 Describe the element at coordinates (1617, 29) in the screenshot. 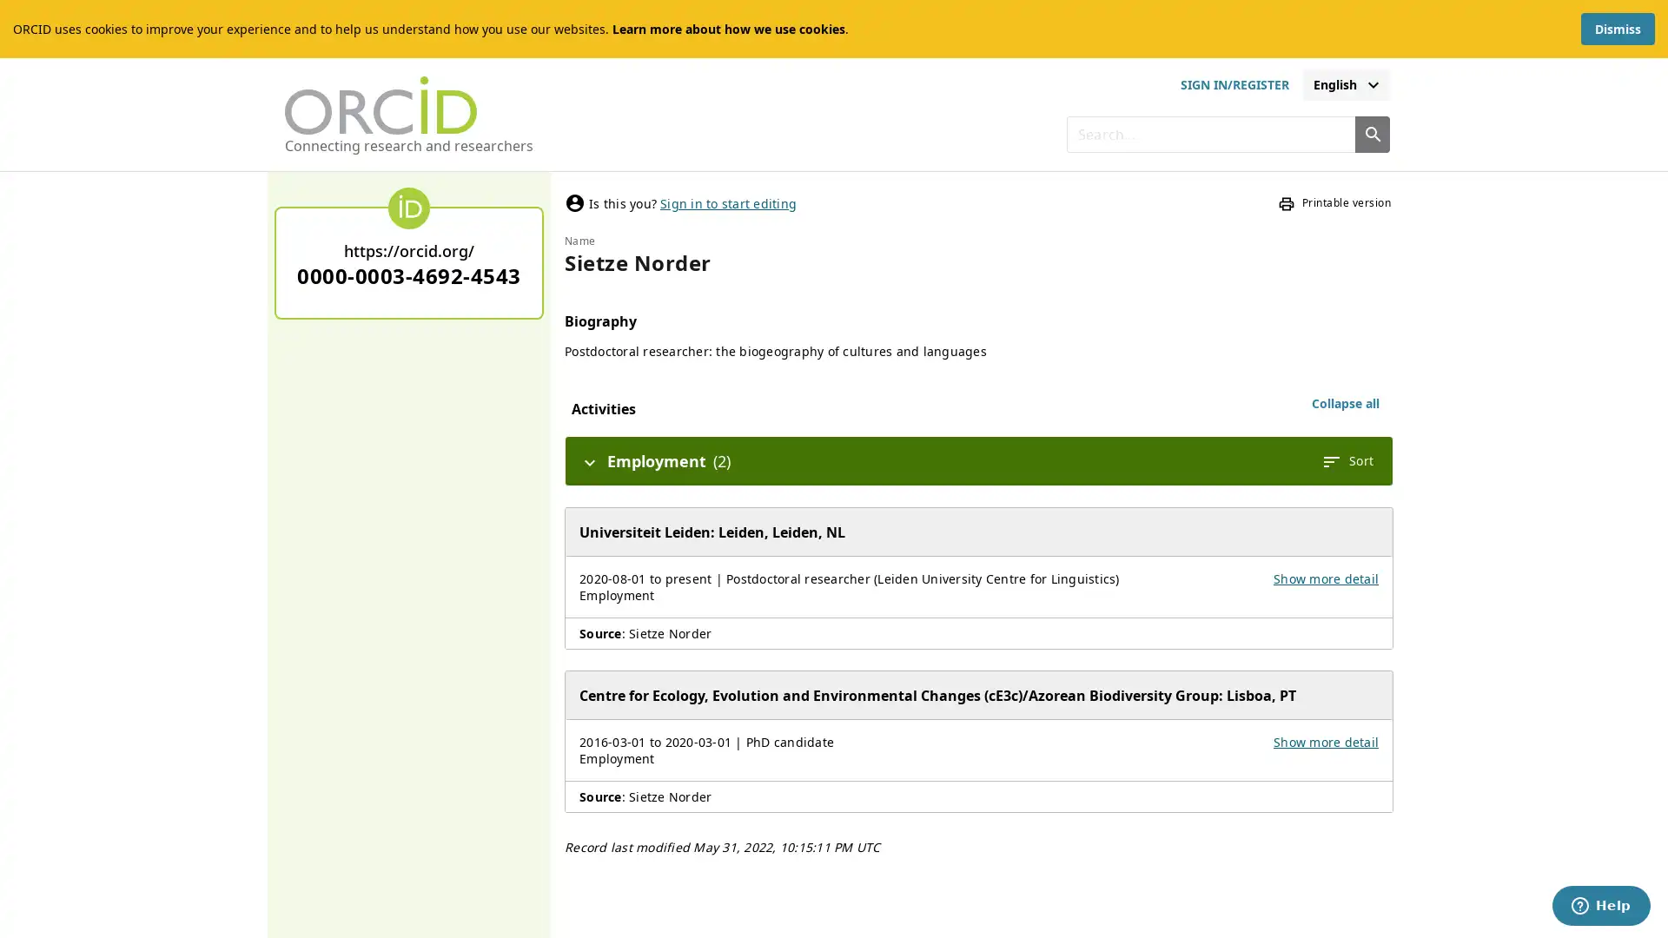

I see `Dismiss` at that location.